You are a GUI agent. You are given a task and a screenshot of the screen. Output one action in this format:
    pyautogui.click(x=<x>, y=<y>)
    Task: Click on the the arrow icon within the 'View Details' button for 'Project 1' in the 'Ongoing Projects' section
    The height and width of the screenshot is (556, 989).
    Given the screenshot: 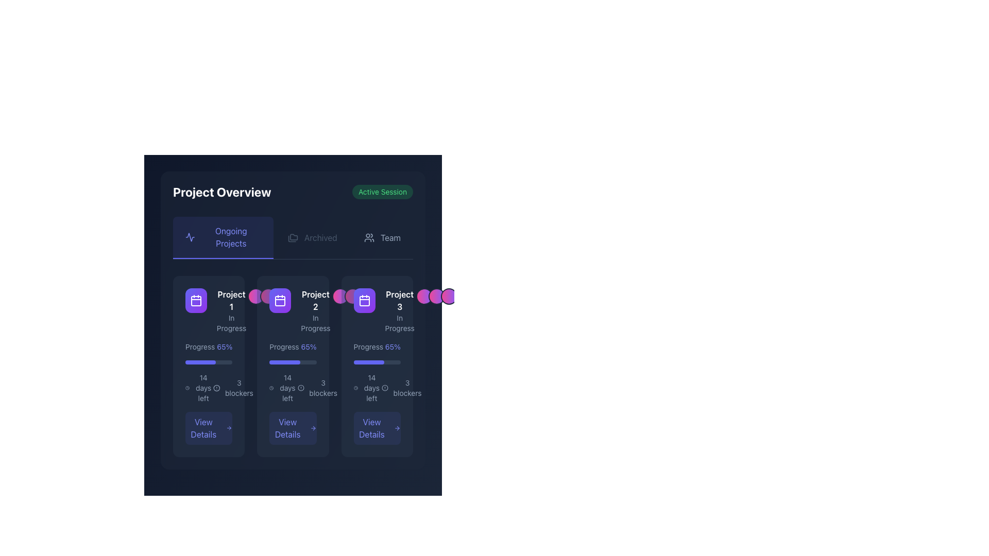 What is the action you would take?
    pyautogui.click(x=229, y=428)
    